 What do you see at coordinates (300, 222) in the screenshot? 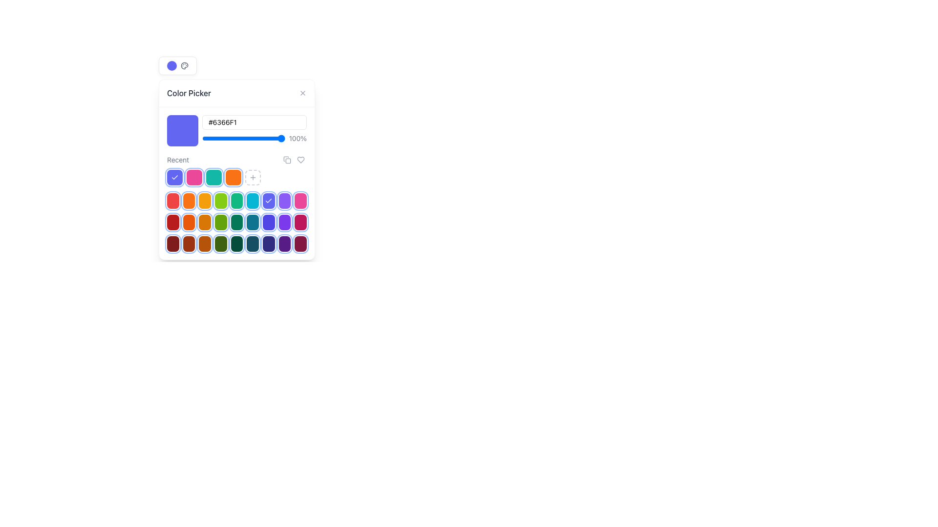
I see `the vibrant pink button with rounded corners, which is the last button in a grid of color buttons at the bottom of the color picker interface, to potentially open a context menu` at bounding box center [300, 222].